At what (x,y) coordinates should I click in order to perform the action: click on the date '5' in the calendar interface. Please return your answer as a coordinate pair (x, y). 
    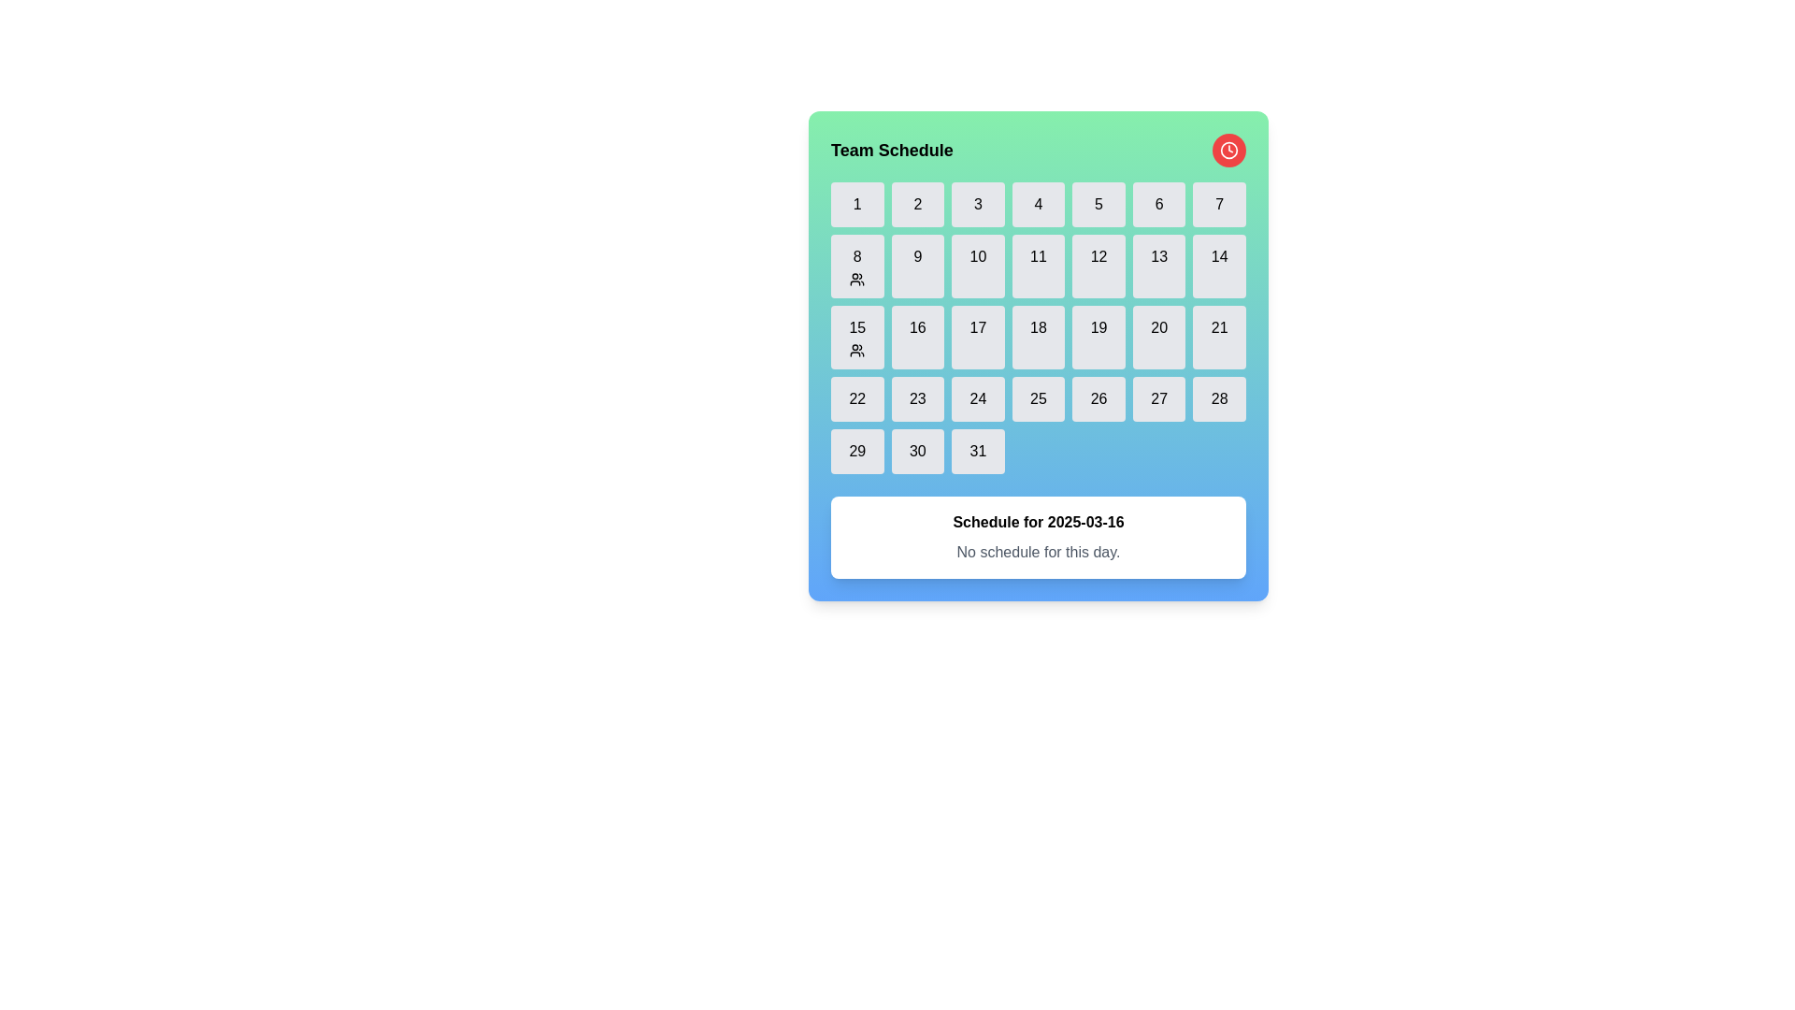
    Looking at the image, I should click on (1099, 205).